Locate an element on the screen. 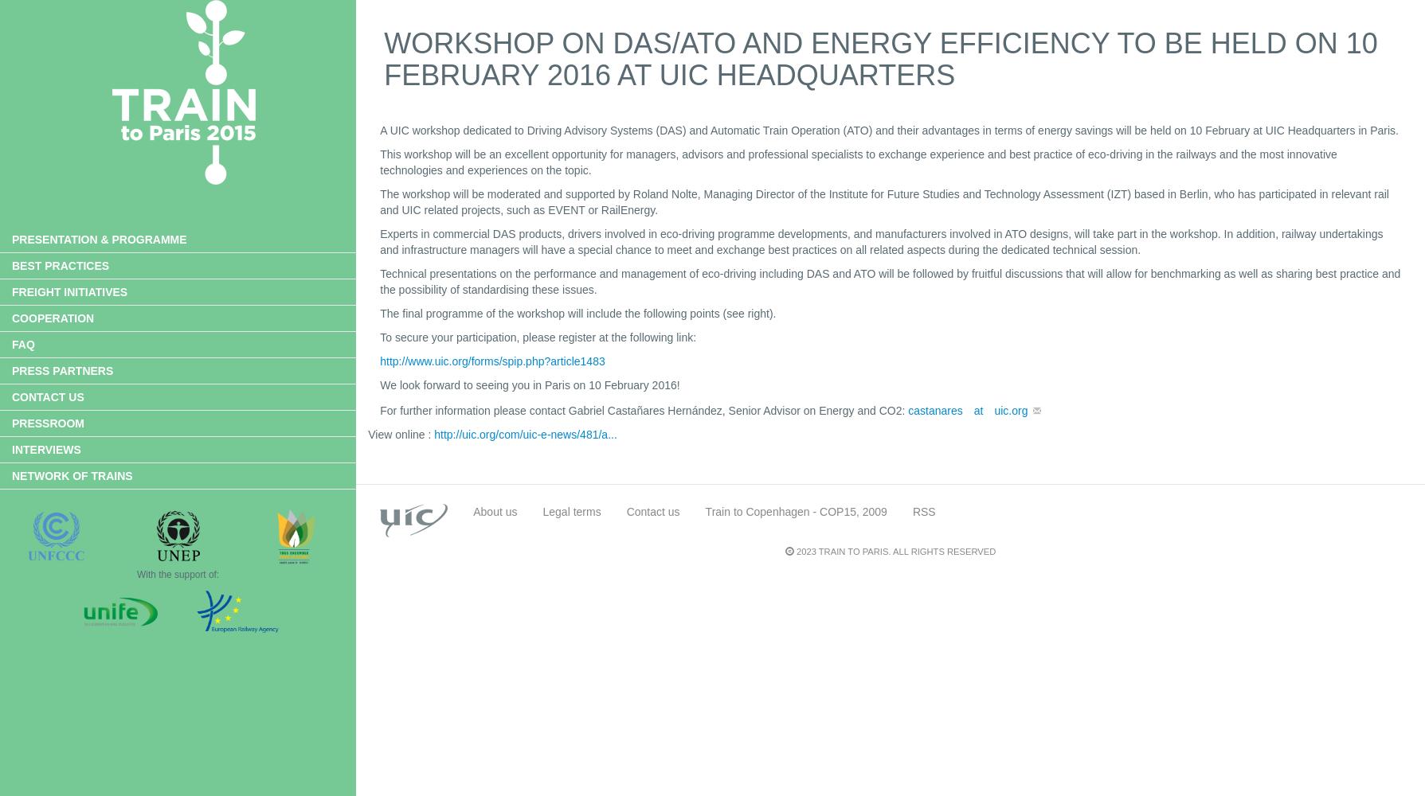  'To secure your participation, please register at the following link:' is located at coordinates (538, 338).